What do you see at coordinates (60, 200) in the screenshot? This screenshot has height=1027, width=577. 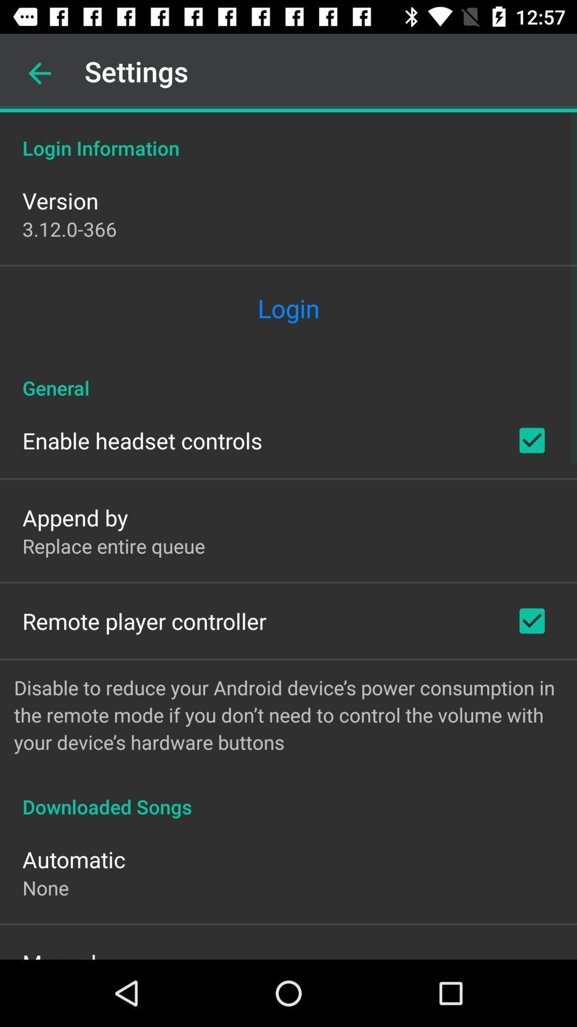 I see `version item` at bounding box center [60, 200].